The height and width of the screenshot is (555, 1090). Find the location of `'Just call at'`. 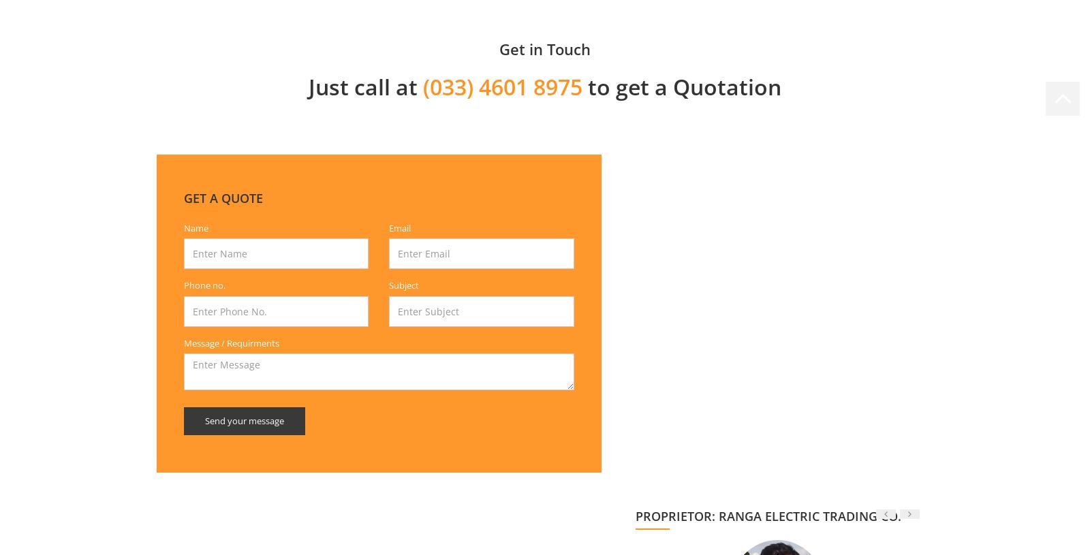

'Just call at' is located at coordinates (364, 85).